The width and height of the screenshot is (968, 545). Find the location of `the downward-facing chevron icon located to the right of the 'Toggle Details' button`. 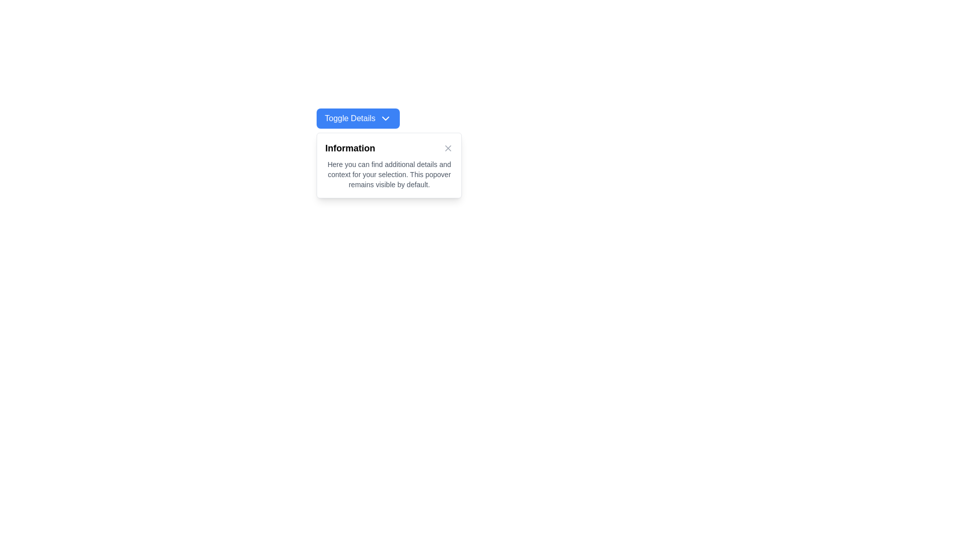

the downward-facing chevron icon located to the right of the 'Toggle Details' button is located at coordinates (385, 118).